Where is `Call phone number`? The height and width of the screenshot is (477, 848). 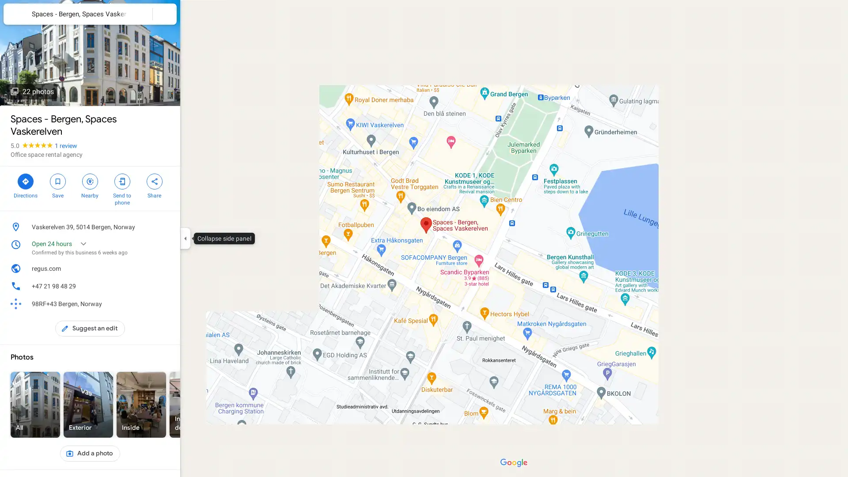
Call phone number is located at coordinates (165, 286).